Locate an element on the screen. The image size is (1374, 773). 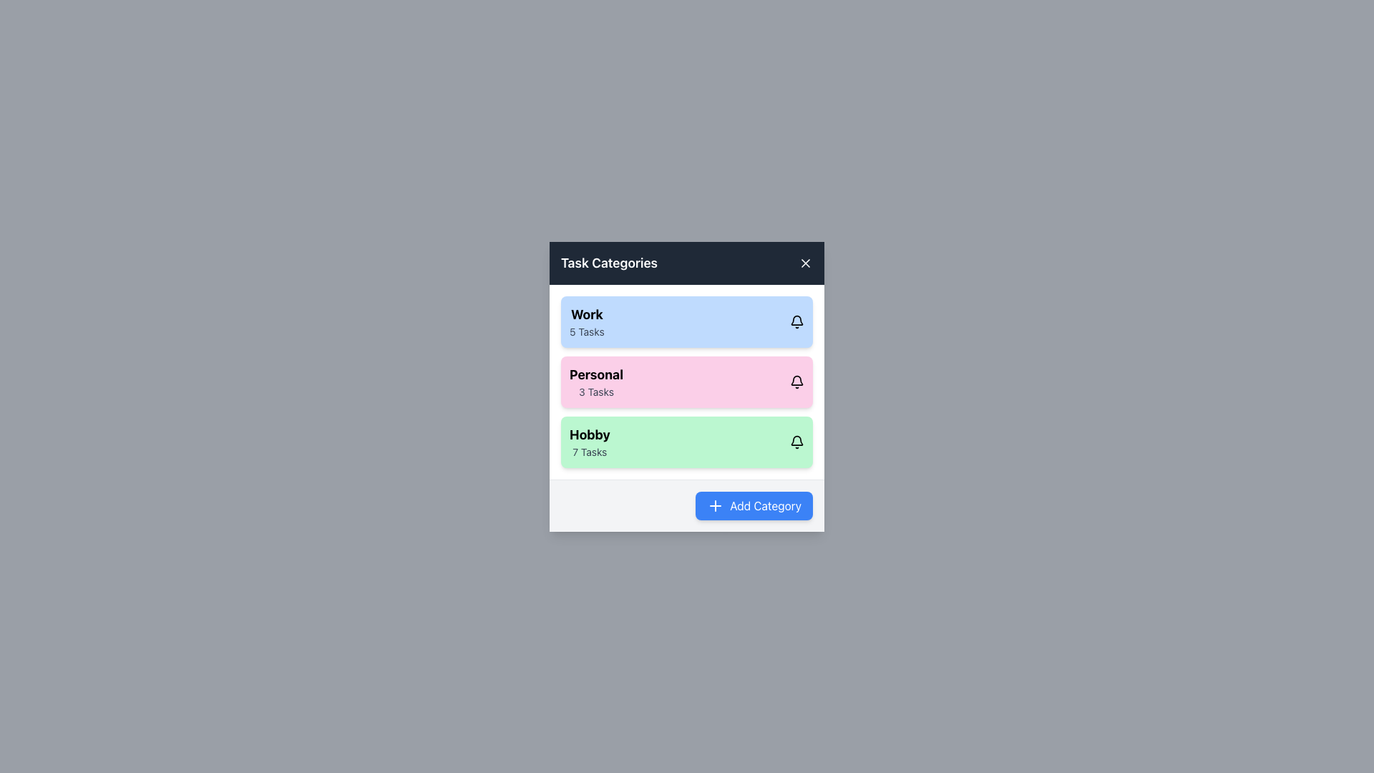
the text label displaying '3 Tasks' located below the 'Personal' text in the pink background section of the 'Task Categories' modal is located at coordinates (596, 392).